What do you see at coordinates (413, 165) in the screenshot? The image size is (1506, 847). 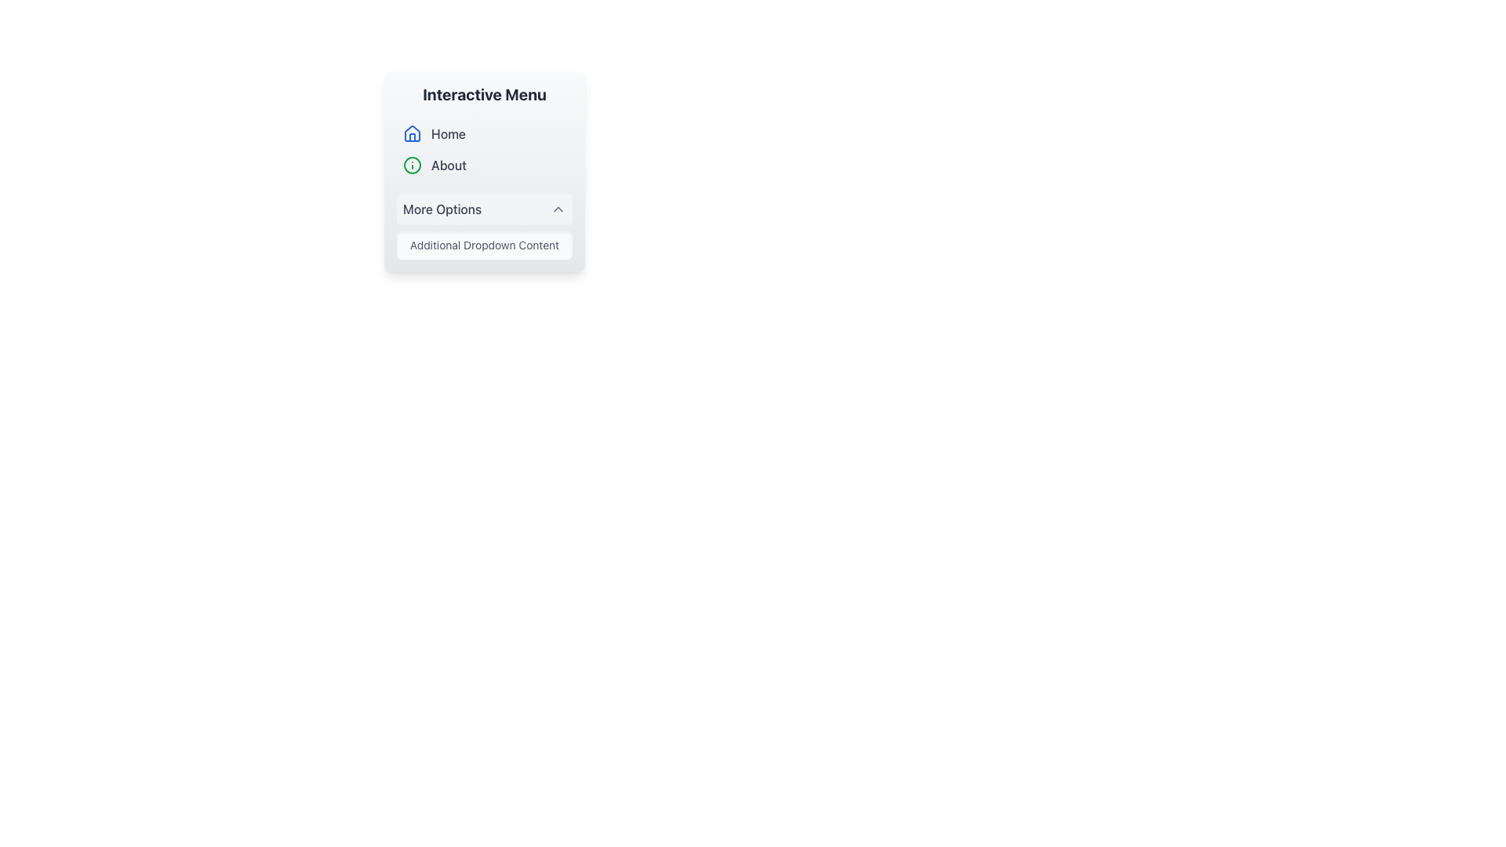 I see `the circular SVG shape that represents the 'About' icon in the menu by clicking on it` at bounding box center [413, 165].